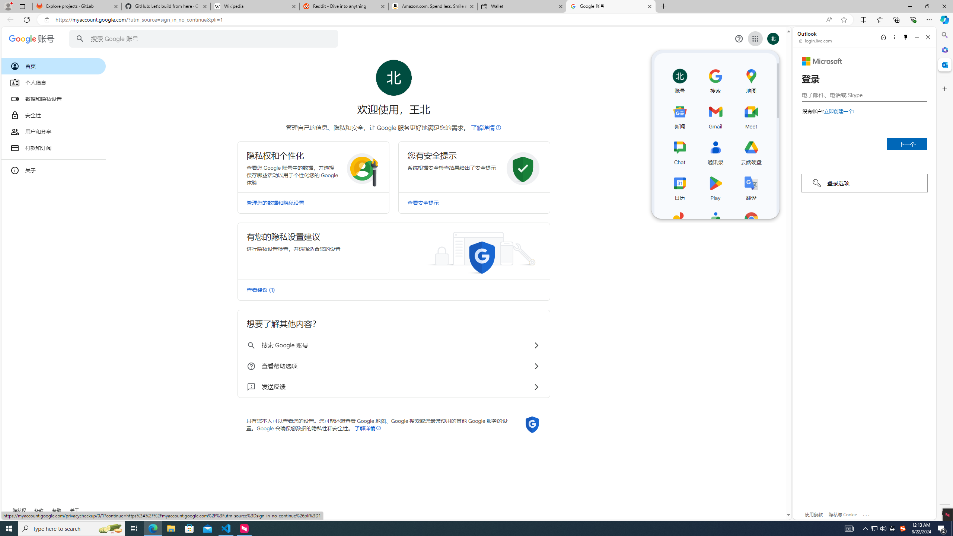 This screenshot has height=536, width=953. Describe the element at coordinates (715, 115) in the screenshot. I see `'Gmail'` at that location.